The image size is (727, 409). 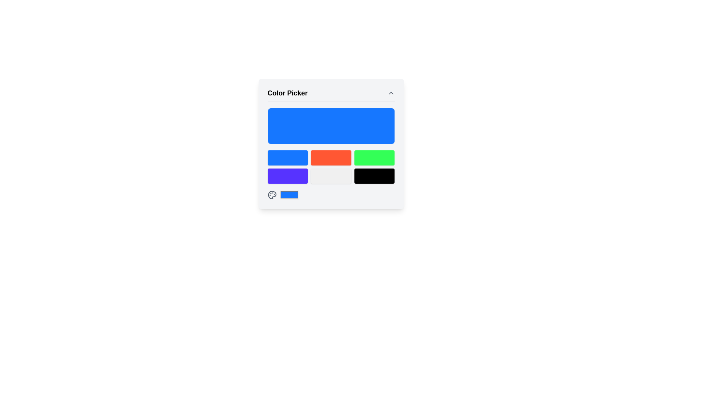 I want to click on the top-left rounded blue button in the color selection interface, so click(x=287, y=157).